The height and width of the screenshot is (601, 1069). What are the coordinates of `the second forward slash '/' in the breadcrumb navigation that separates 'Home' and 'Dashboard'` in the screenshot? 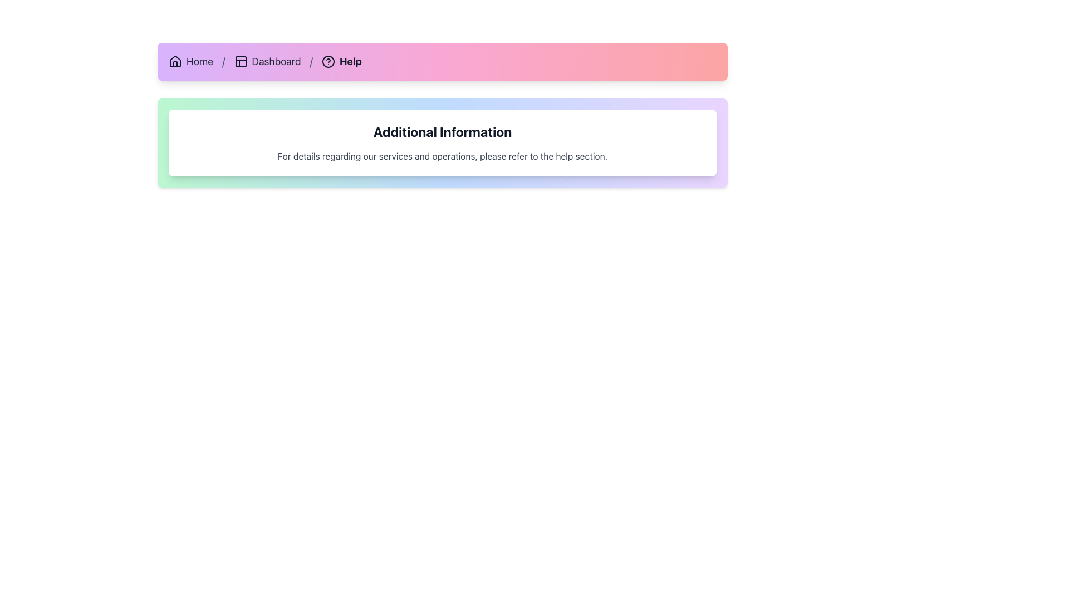 It's located at (223, 62).